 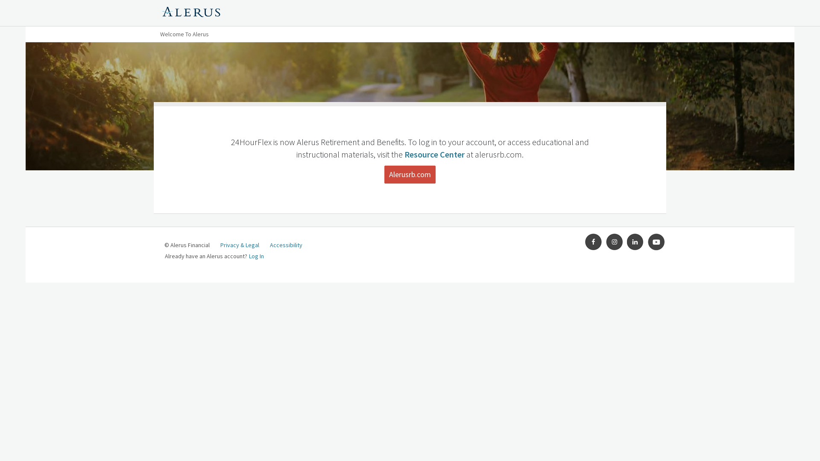 I want to click on 'Accessibility', so click(x=286, y=245).